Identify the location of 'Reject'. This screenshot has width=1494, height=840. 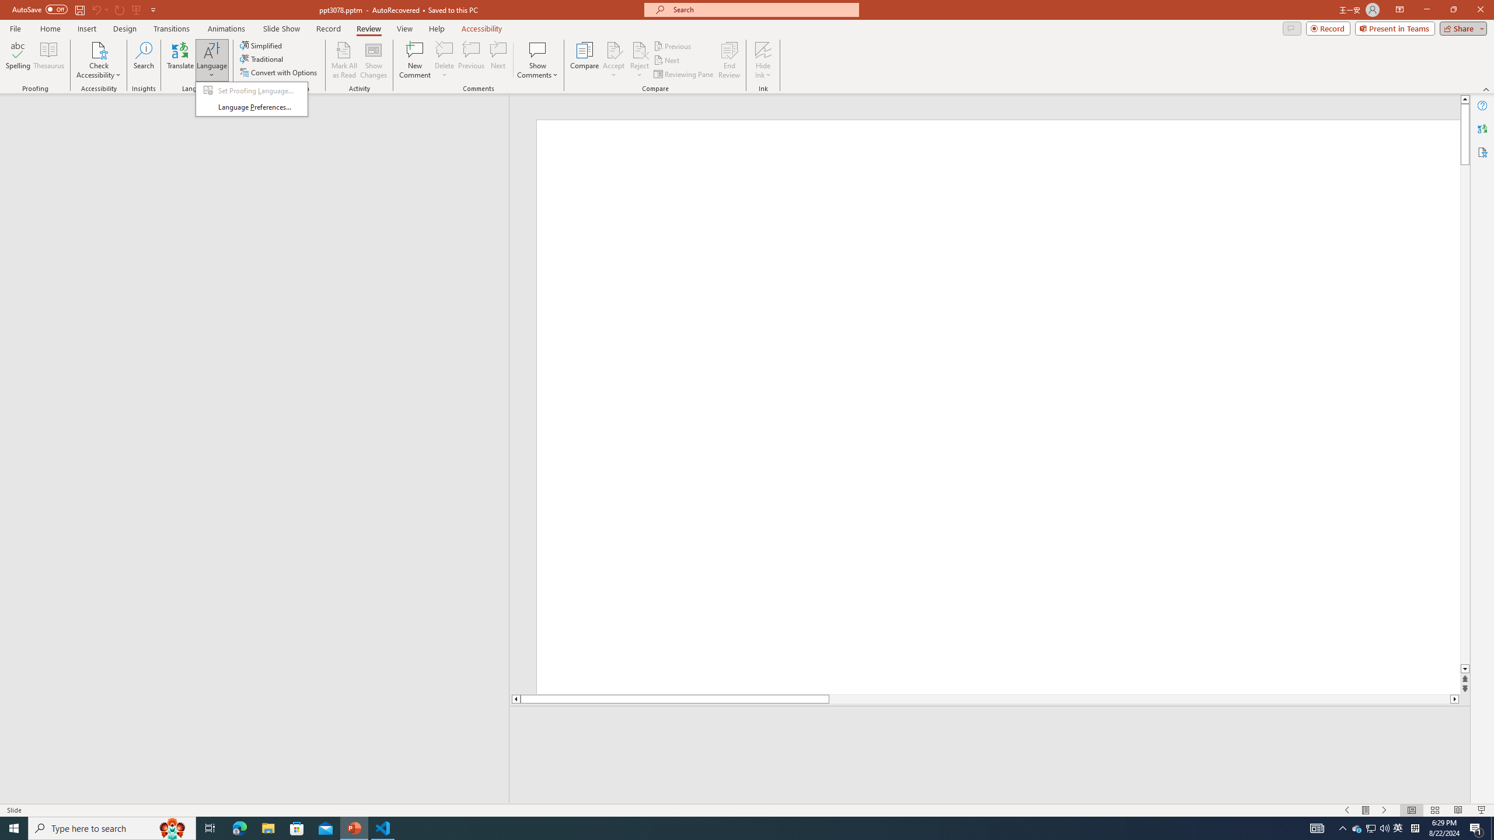
(638, 60).